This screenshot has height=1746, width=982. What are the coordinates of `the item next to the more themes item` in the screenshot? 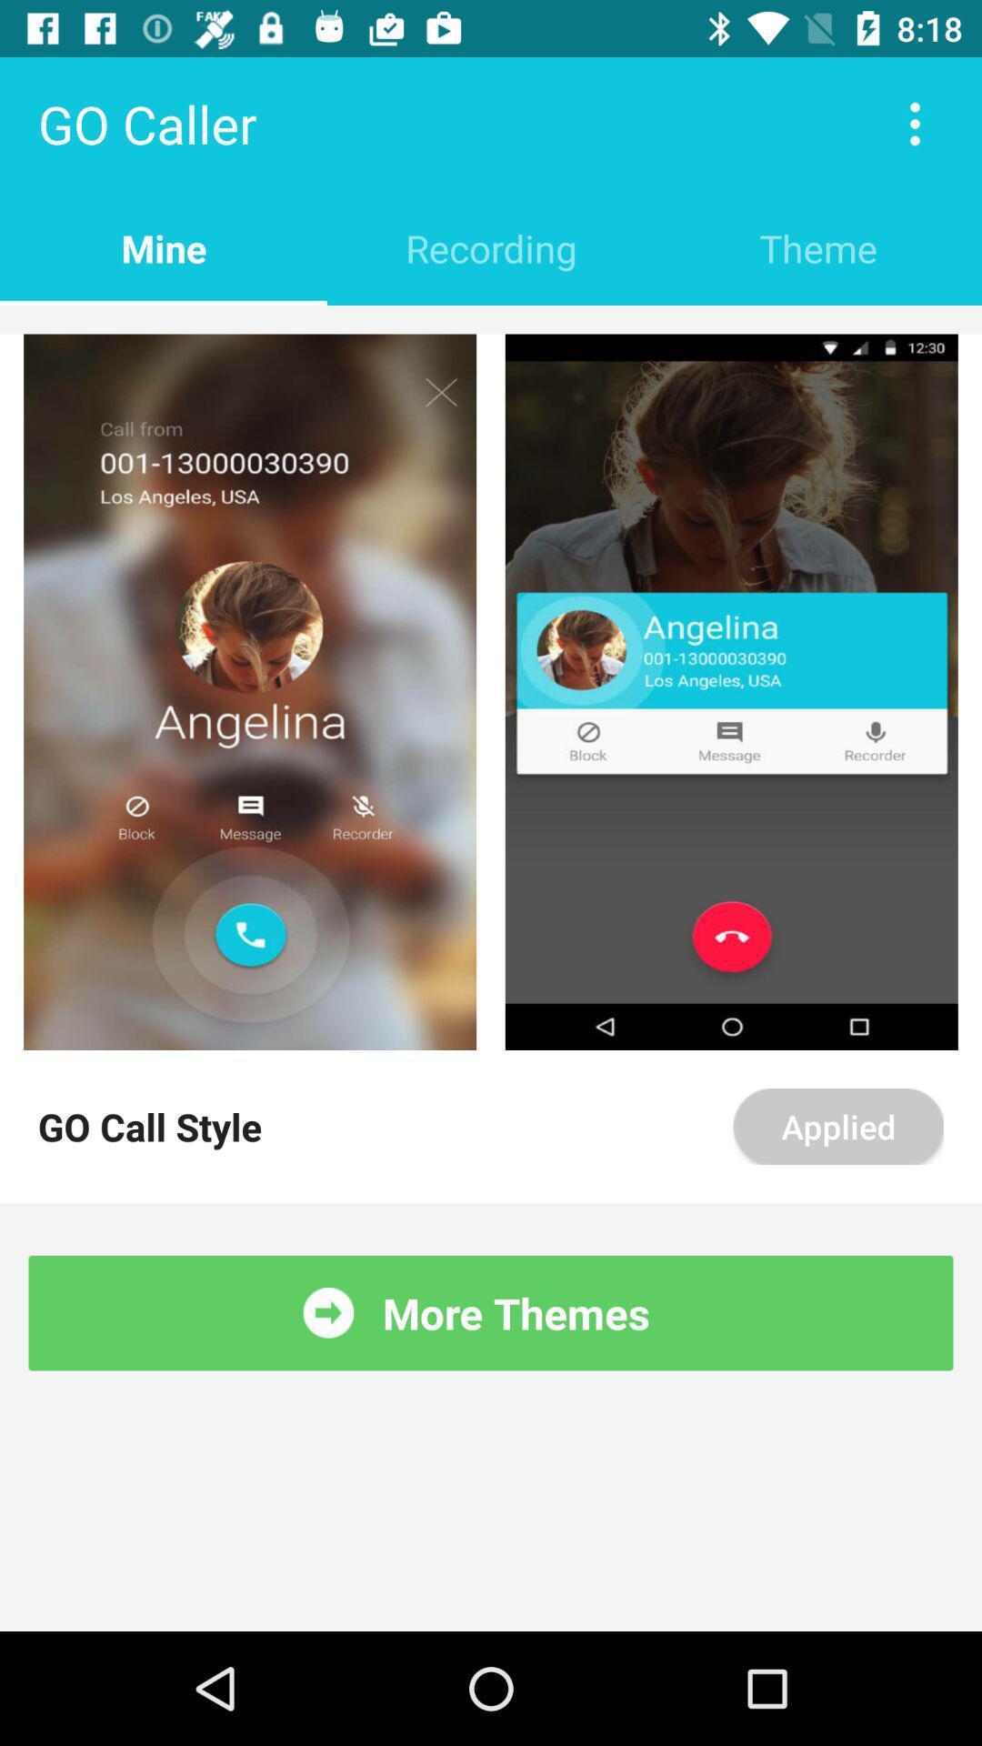 It's located at (328, 1312).